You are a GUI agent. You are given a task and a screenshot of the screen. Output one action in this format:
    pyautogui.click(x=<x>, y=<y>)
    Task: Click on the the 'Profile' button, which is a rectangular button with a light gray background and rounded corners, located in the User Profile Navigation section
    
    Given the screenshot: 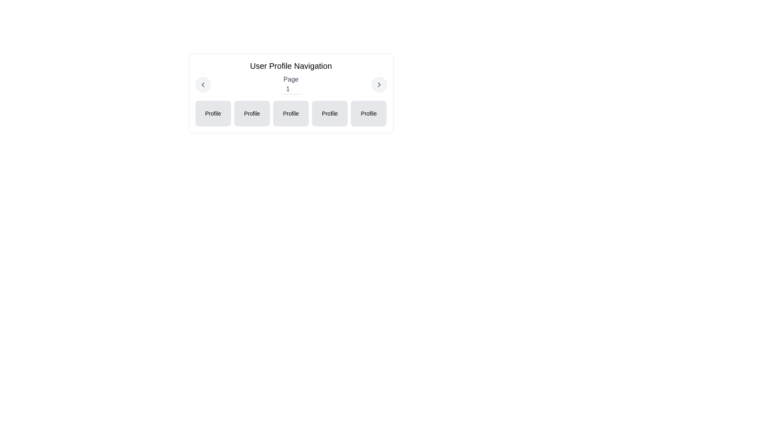 What is the action you would take?
    pyautogui.click(x=330, y=114)
    